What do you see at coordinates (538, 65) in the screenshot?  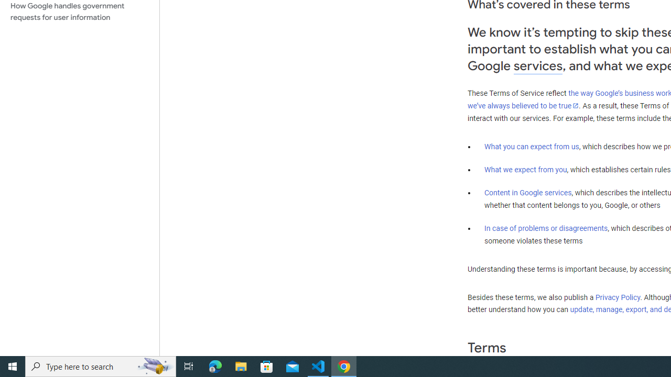 I see `'services'` at bounding box center [538, 65].